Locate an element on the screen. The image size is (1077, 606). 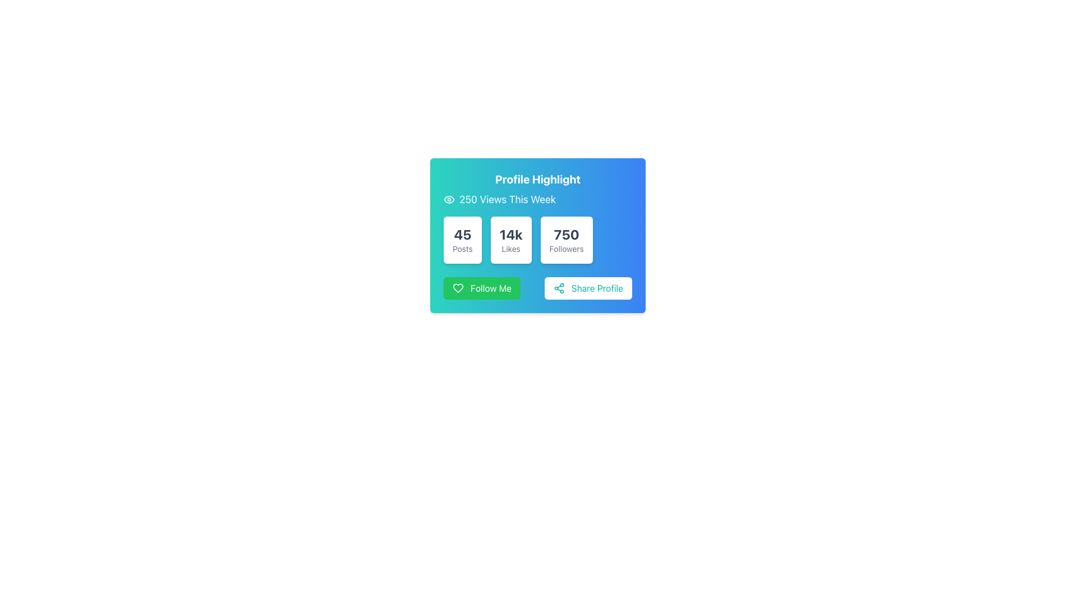
the Text Label with Icon that displays the number of views the profile received in the current week, located within the 'Profile Highlight' card, below the title and above the statistics blocks is located at coordinates (537, 199).